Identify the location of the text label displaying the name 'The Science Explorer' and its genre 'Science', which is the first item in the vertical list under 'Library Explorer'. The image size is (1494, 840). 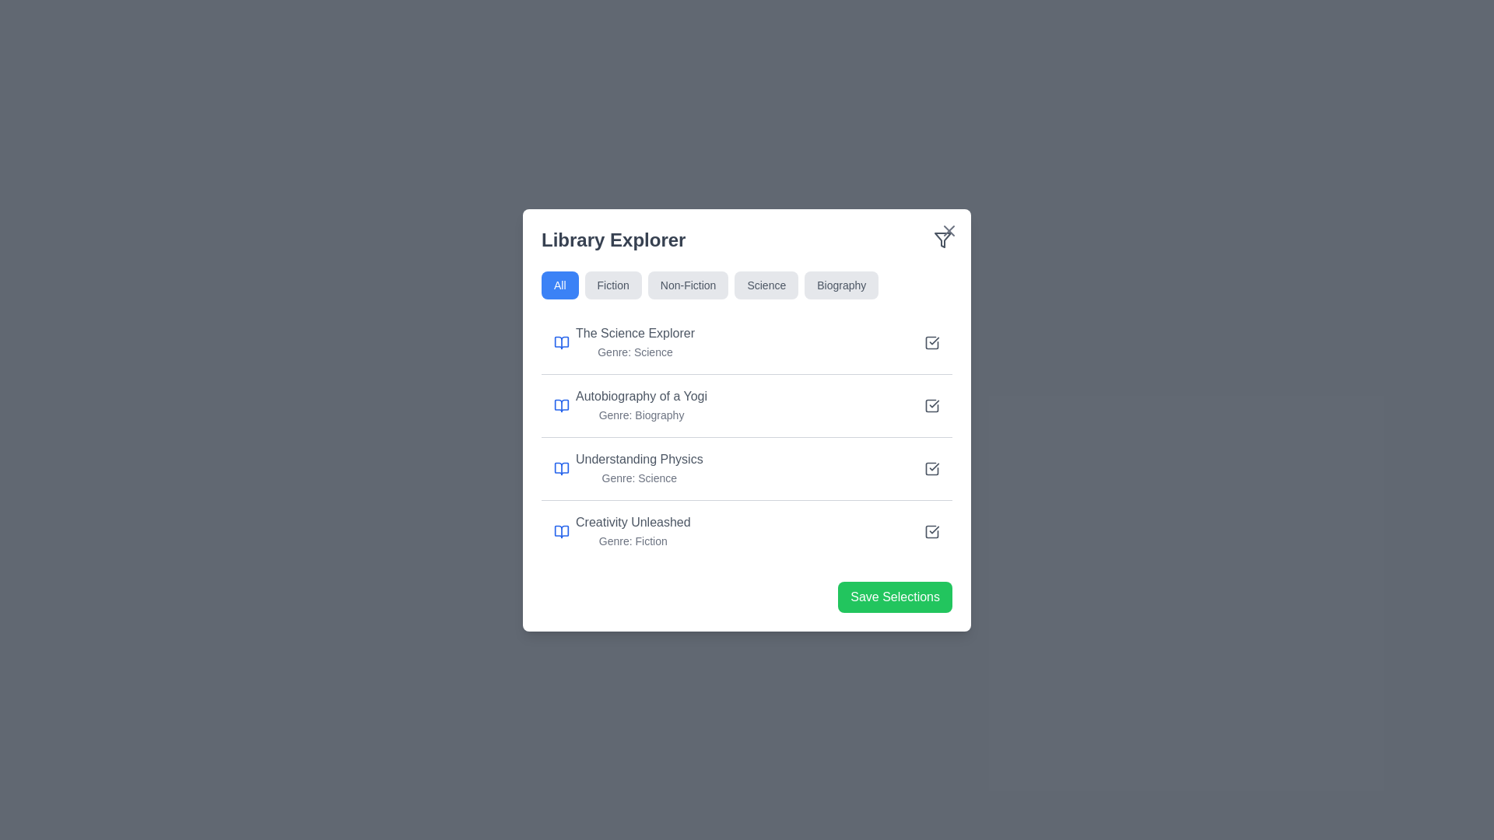
(635, 341).